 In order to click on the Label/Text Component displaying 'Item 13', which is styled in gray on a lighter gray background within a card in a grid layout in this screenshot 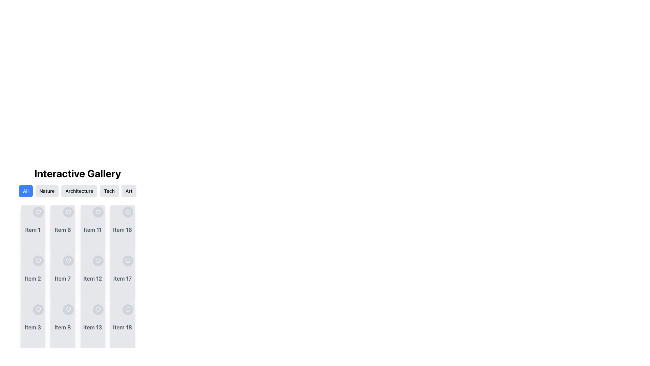, I will do `click(92, 327)`.